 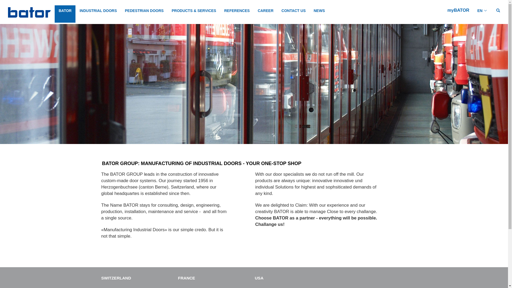 I want to click on 'myBATOR', so click(x=458, y=10).